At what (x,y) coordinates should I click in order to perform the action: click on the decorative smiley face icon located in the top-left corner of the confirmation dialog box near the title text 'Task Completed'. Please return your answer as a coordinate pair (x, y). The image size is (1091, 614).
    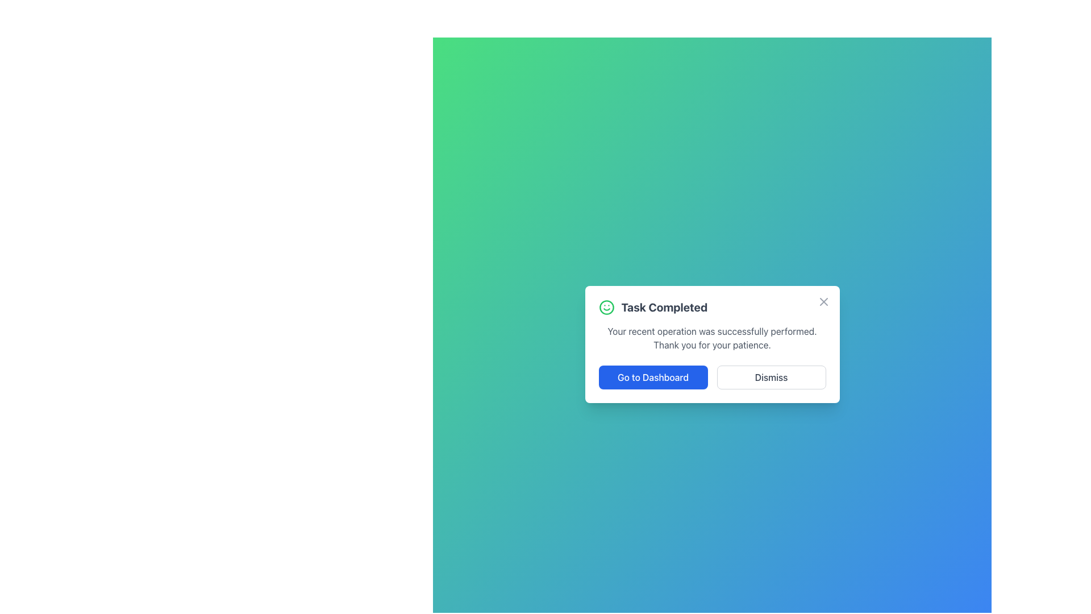
    Looking at the image, I should click on (606, 307).